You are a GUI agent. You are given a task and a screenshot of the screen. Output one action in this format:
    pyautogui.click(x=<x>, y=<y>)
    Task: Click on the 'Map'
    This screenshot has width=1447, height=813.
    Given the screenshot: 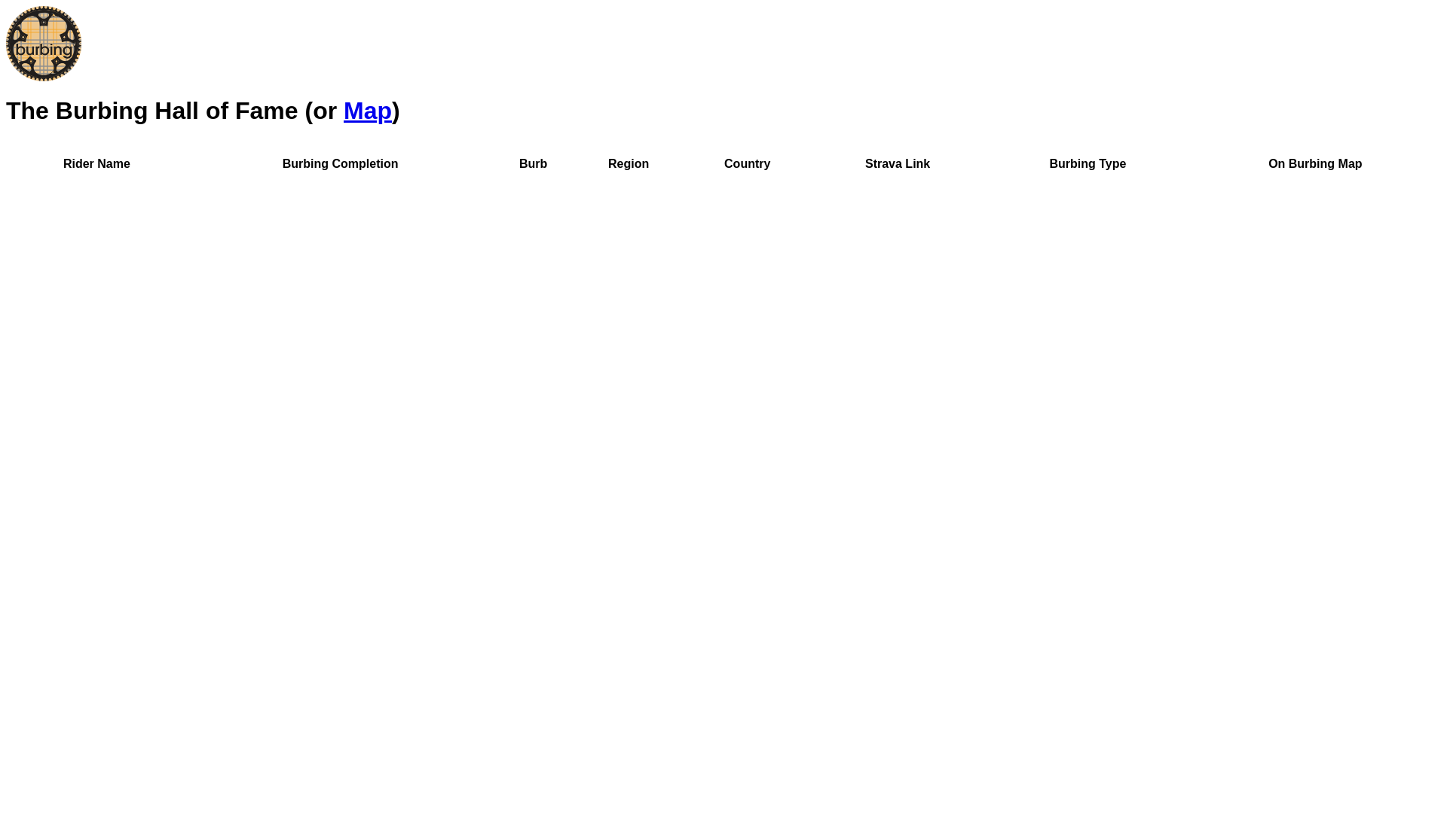 What is the action you would take?
    pyautogui.click(x=368, y=109)
    